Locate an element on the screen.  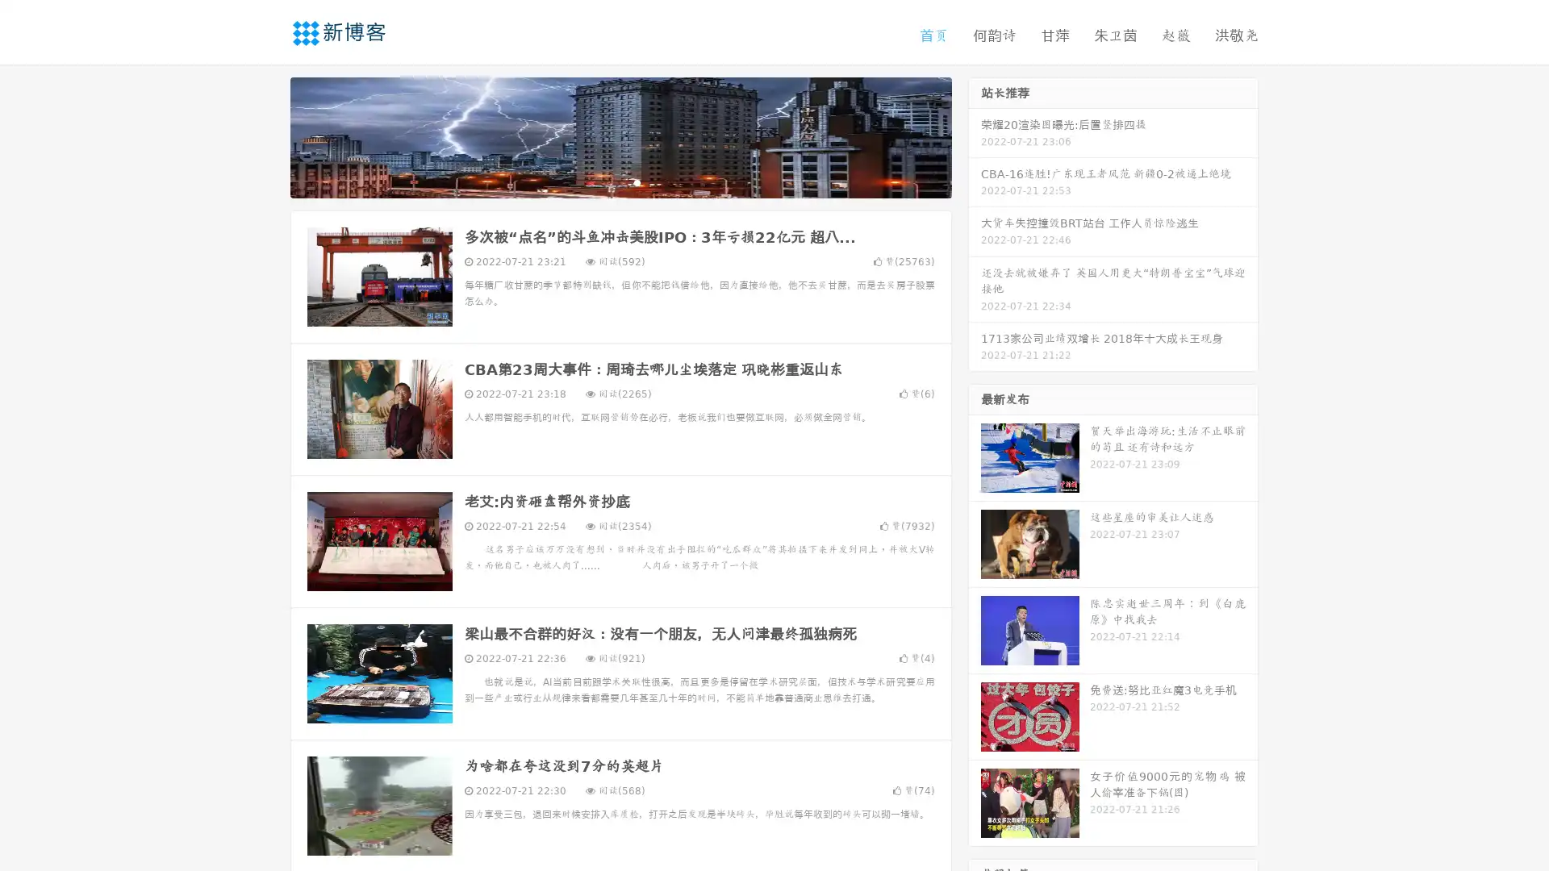
Previous slide is located at coordinates (266, 135).